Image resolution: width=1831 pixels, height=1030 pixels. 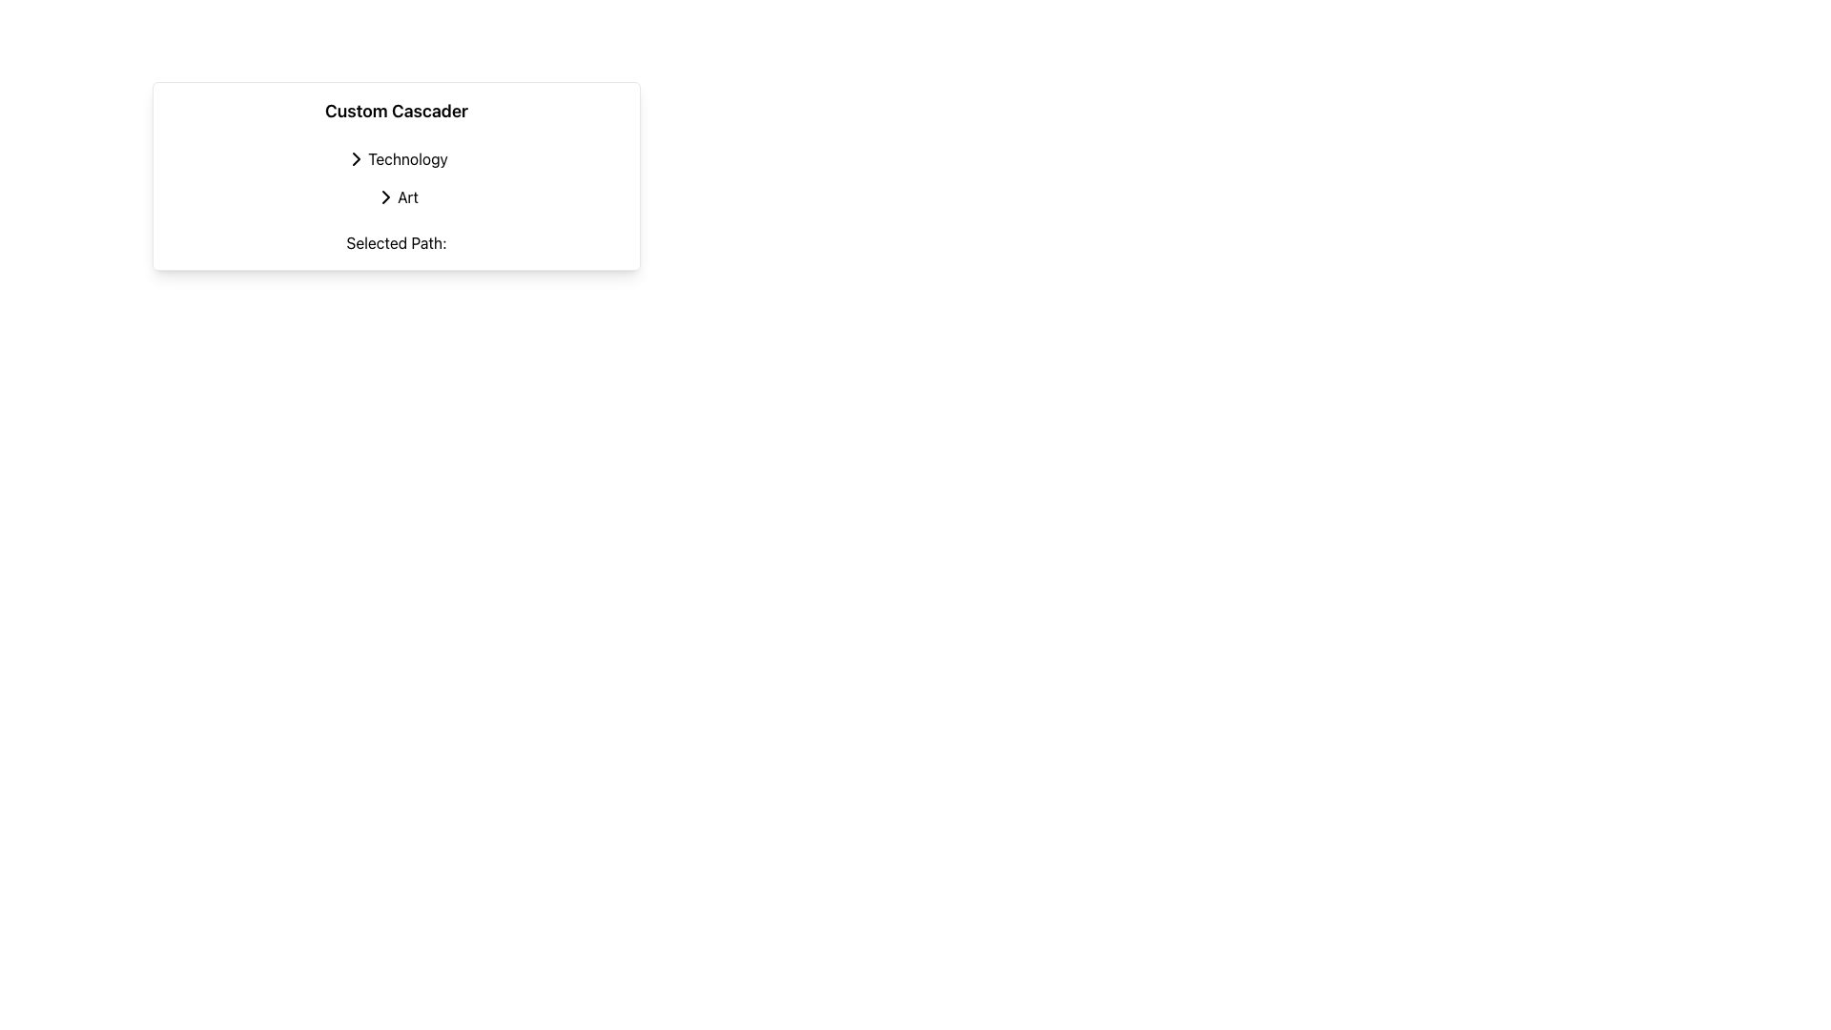 I want to click on the first clickable menu item labeled 'Technology', so click(x=396, y=157).